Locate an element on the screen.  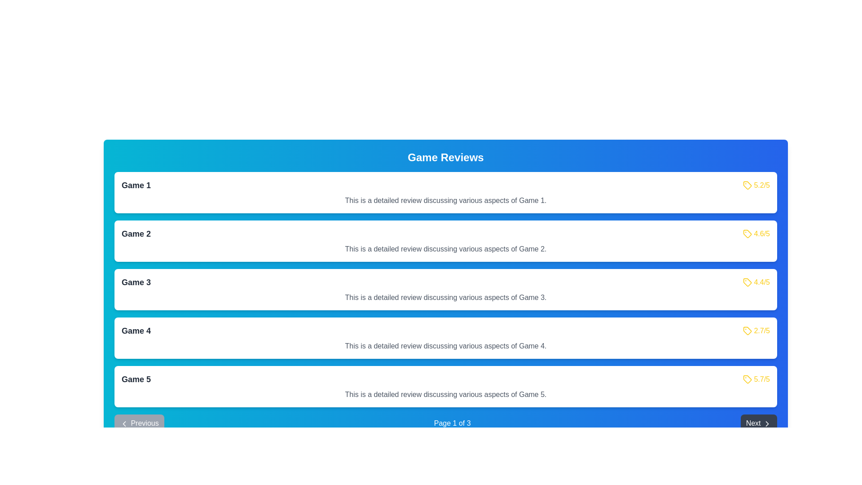
text displayed in the review card for 'Game 1', which states 'This is a detailed review discussing various aspects of Game 1.' is located at coordinates (446, 200).